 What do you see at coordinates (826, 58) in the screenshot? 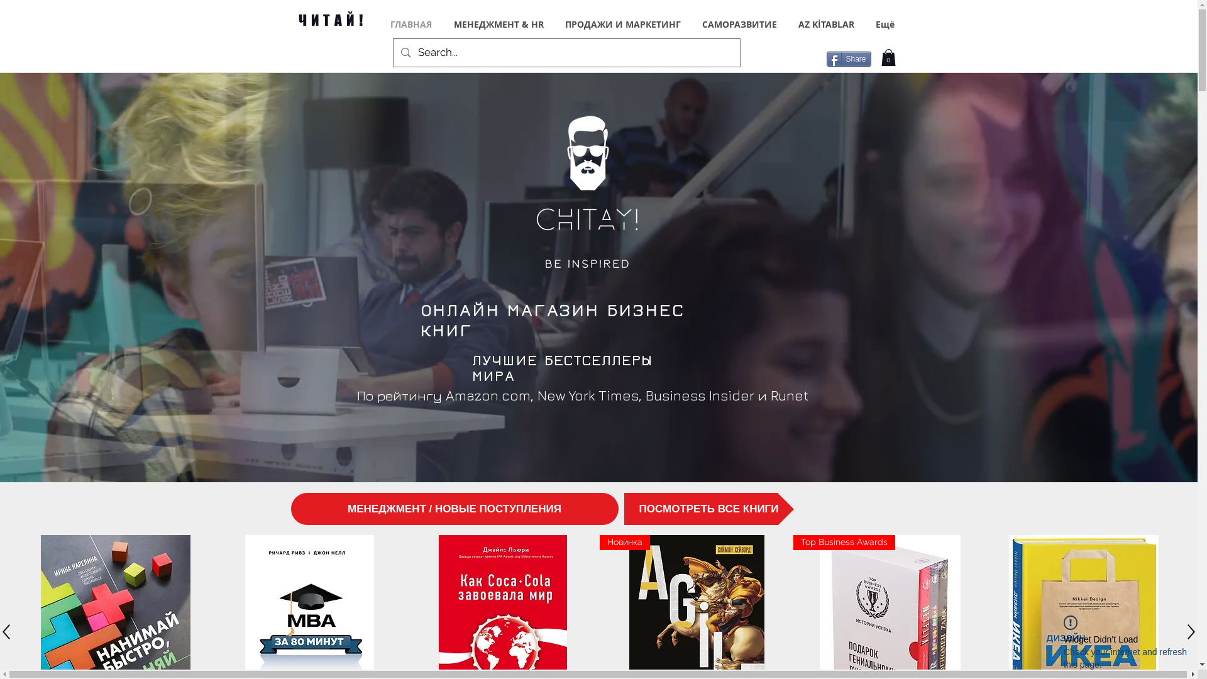
I see `'Share'` at bounding box center [826, 58].